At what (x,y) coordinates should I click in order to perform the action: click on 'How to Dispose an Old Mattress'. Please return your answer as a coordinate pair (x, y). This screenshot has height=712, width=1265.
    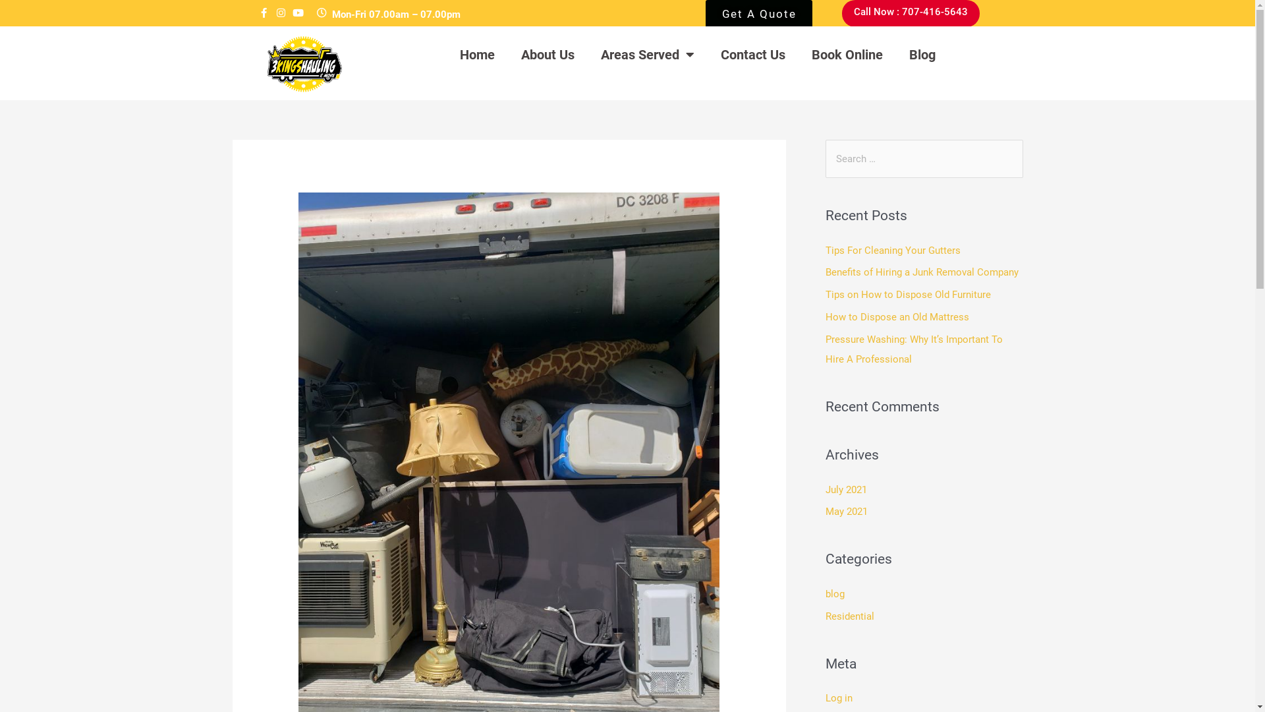
    Looking at the image, I should click on (896, 317).